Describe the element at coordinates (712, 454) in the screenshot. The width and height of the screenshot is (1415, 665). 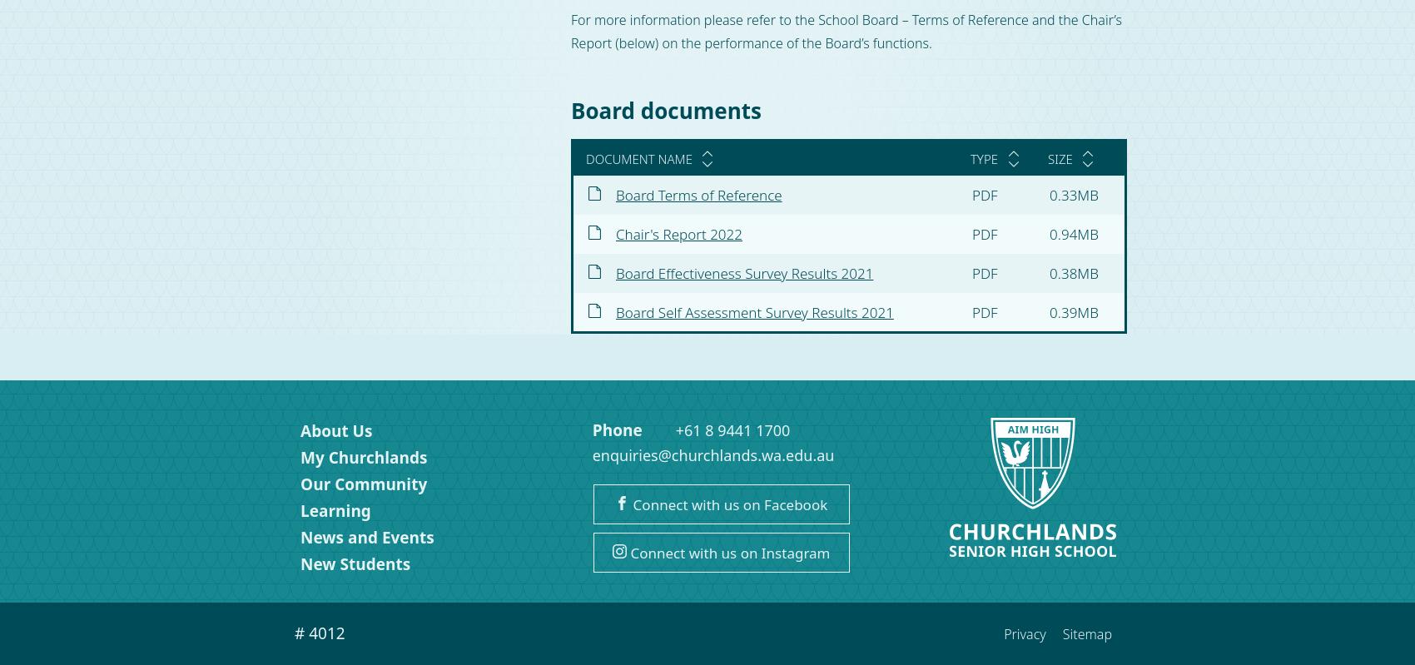
I see `'enquiries@churchlands.wa.edu.au'` at that location.